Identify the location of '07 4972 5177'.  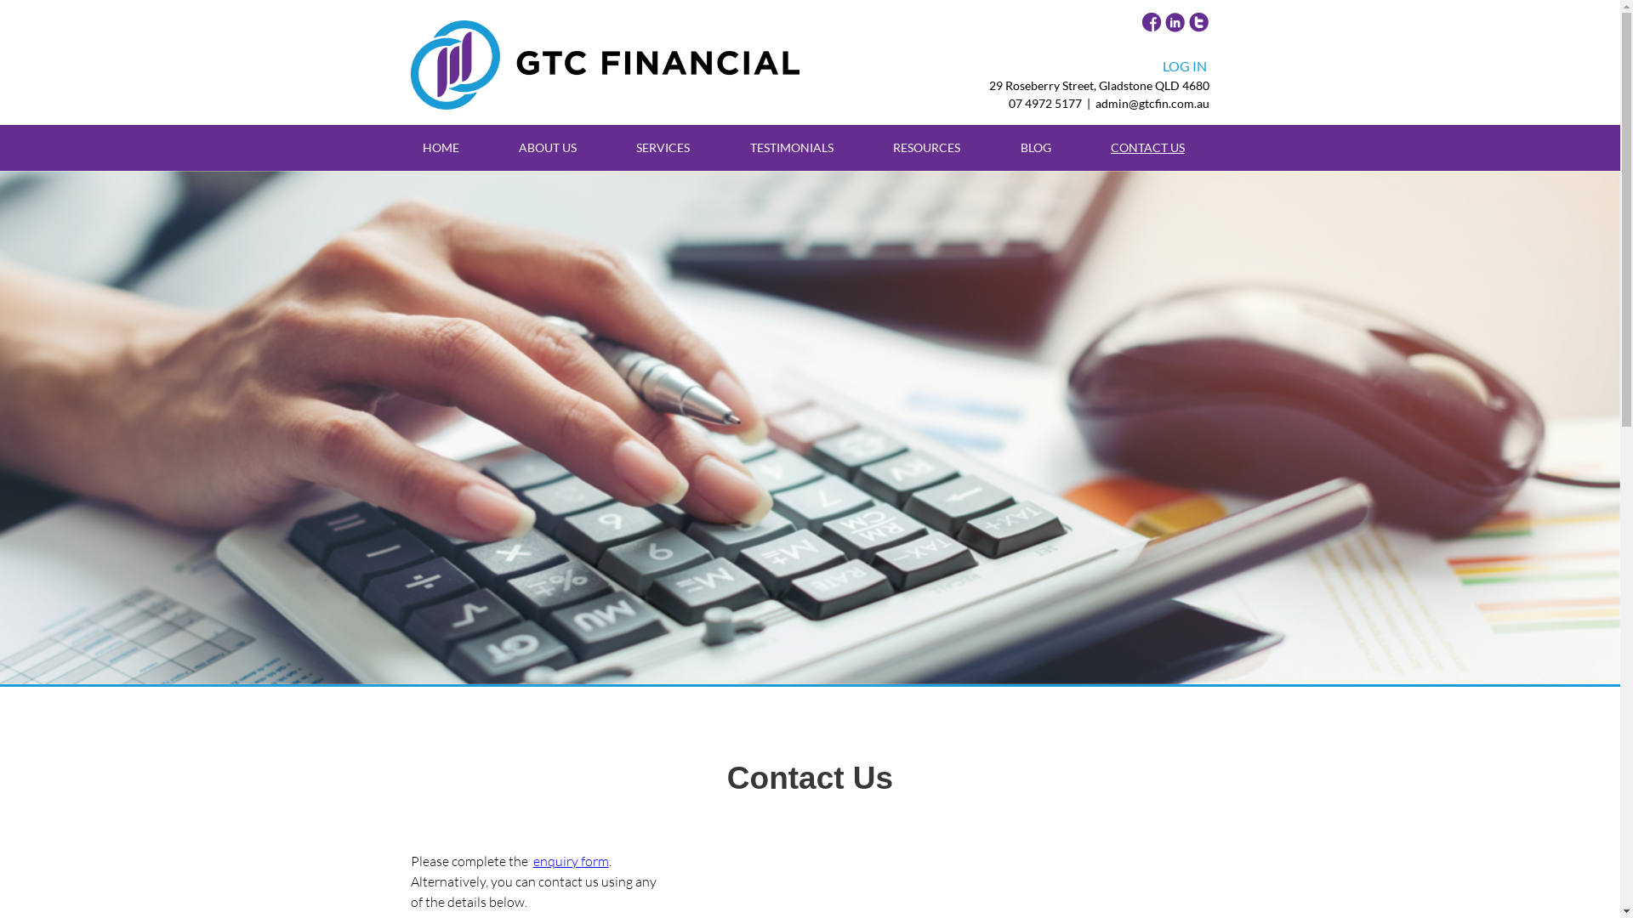
(1044, 102).